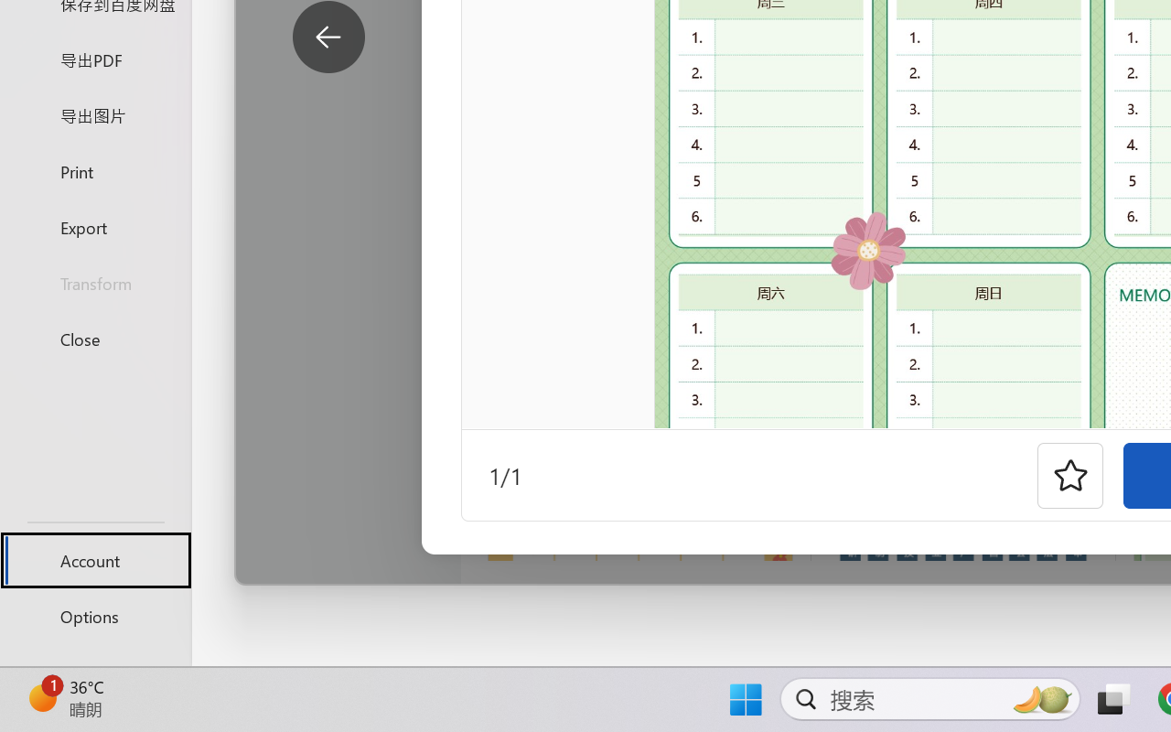  Describe the element at coordinates (94, 282) in the screenshot. I see `'Transform'` at that location.